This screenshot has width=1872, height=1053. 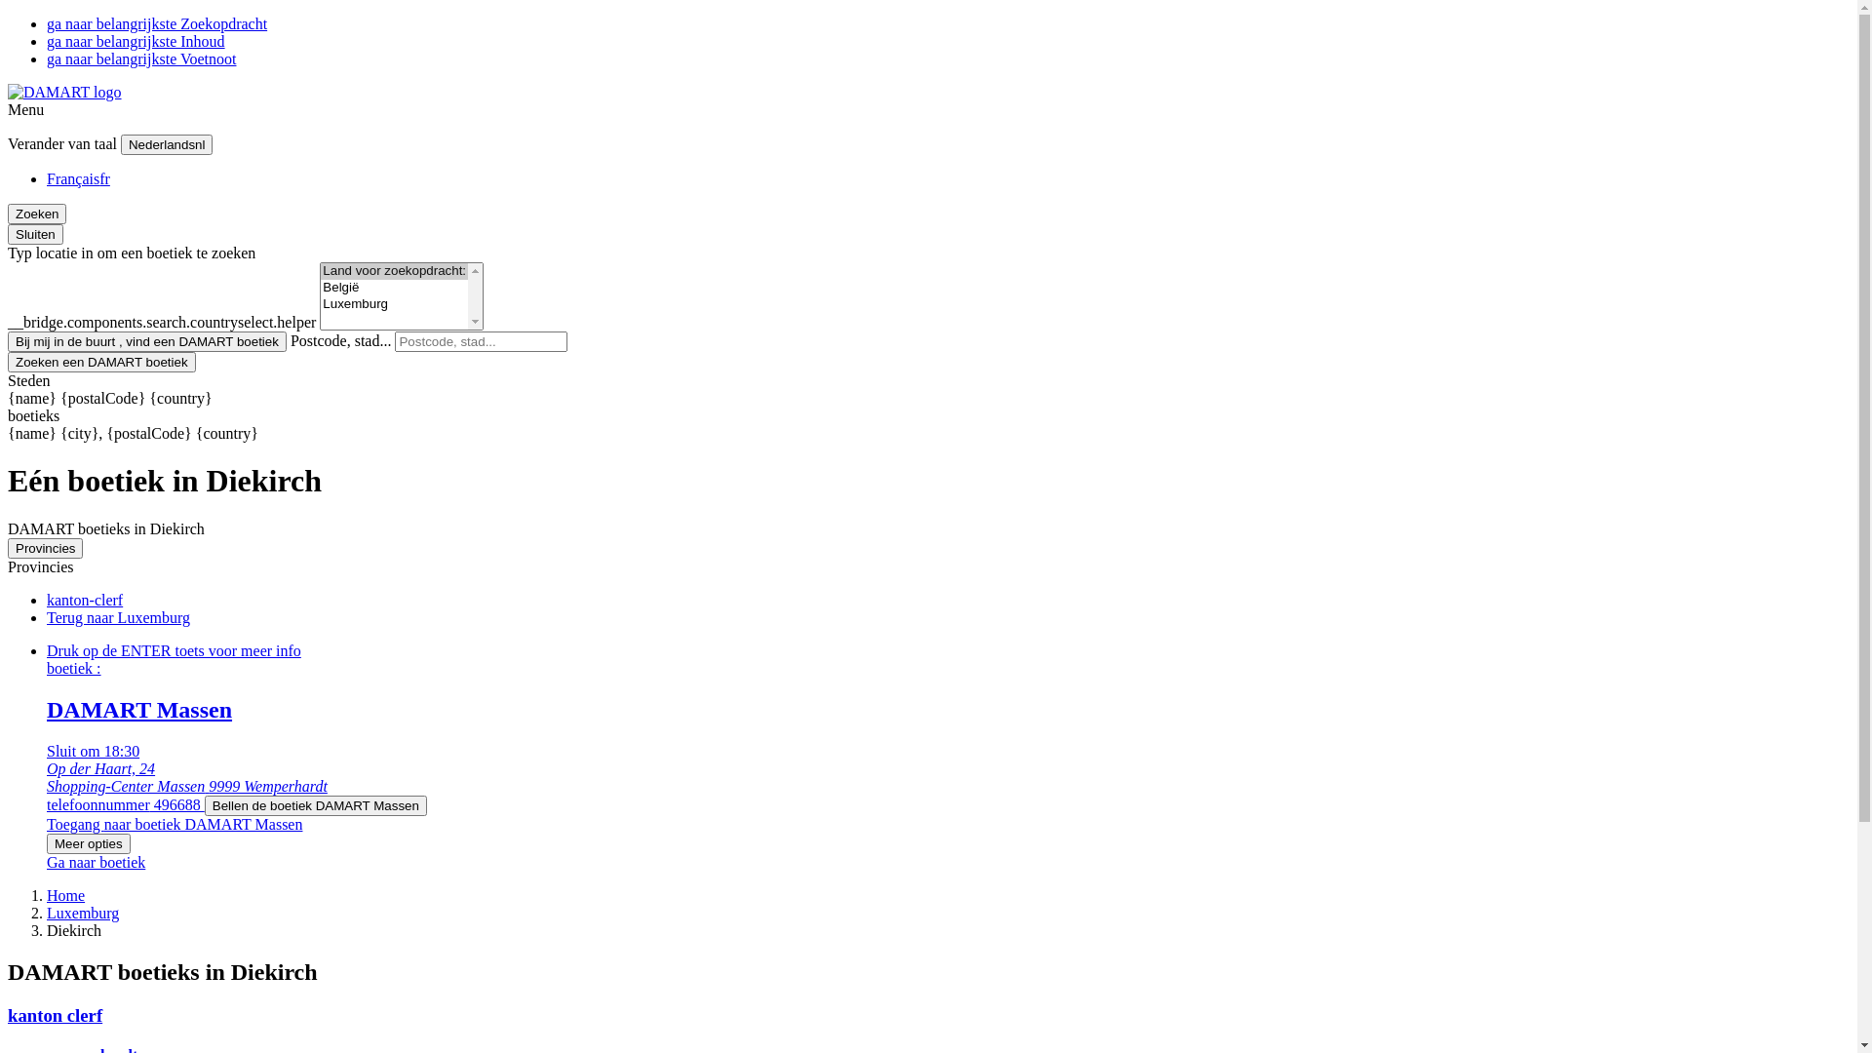 What do you see at coordinates (125, 804) in the screenshot?
I see `'telefoonnummer 496688'` at bounding box center [125, 804].